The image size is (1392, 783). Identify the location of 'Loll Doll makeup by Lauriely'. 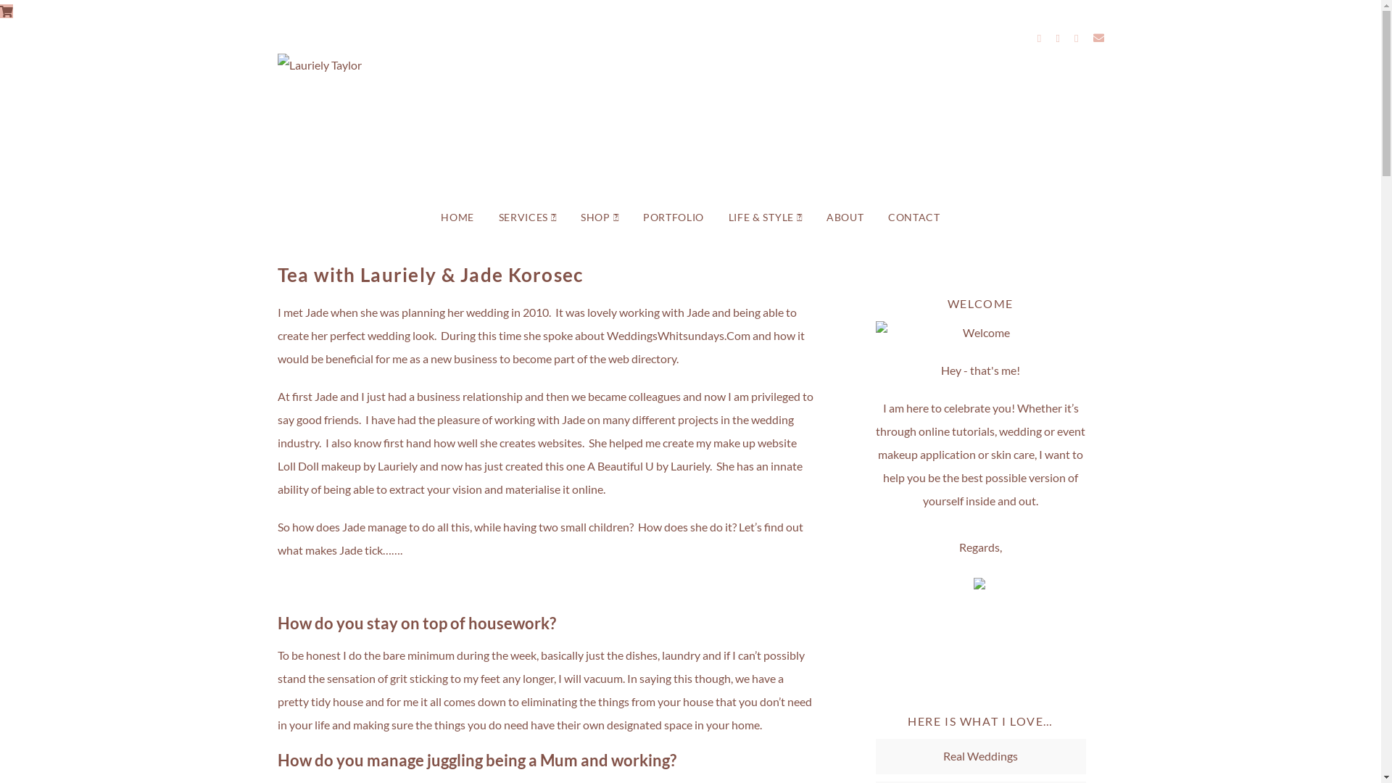
(346, 465).